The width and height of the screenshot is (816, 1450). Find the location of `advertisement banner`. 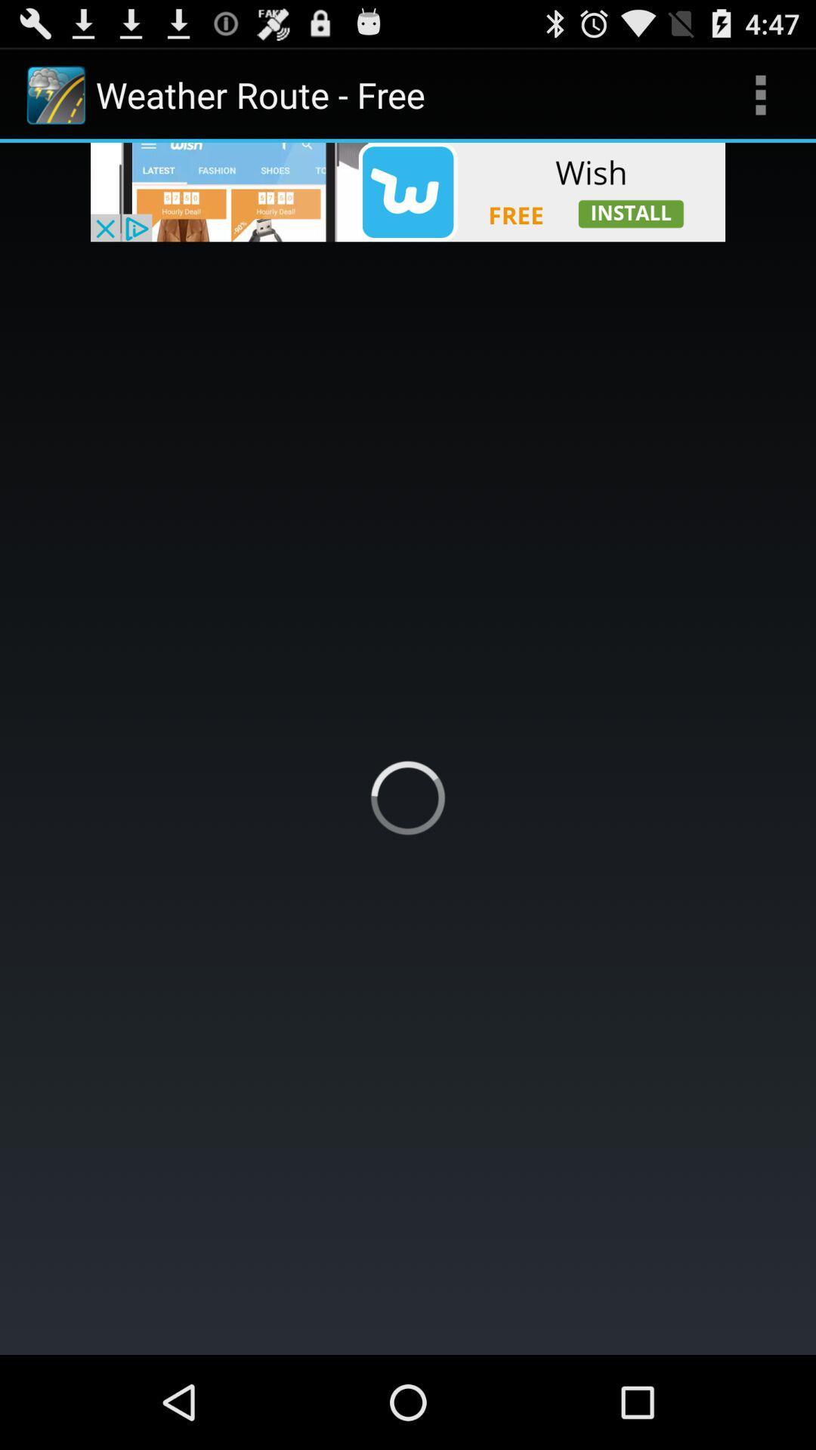

advertisement banner is located at coordinates (408, 191).